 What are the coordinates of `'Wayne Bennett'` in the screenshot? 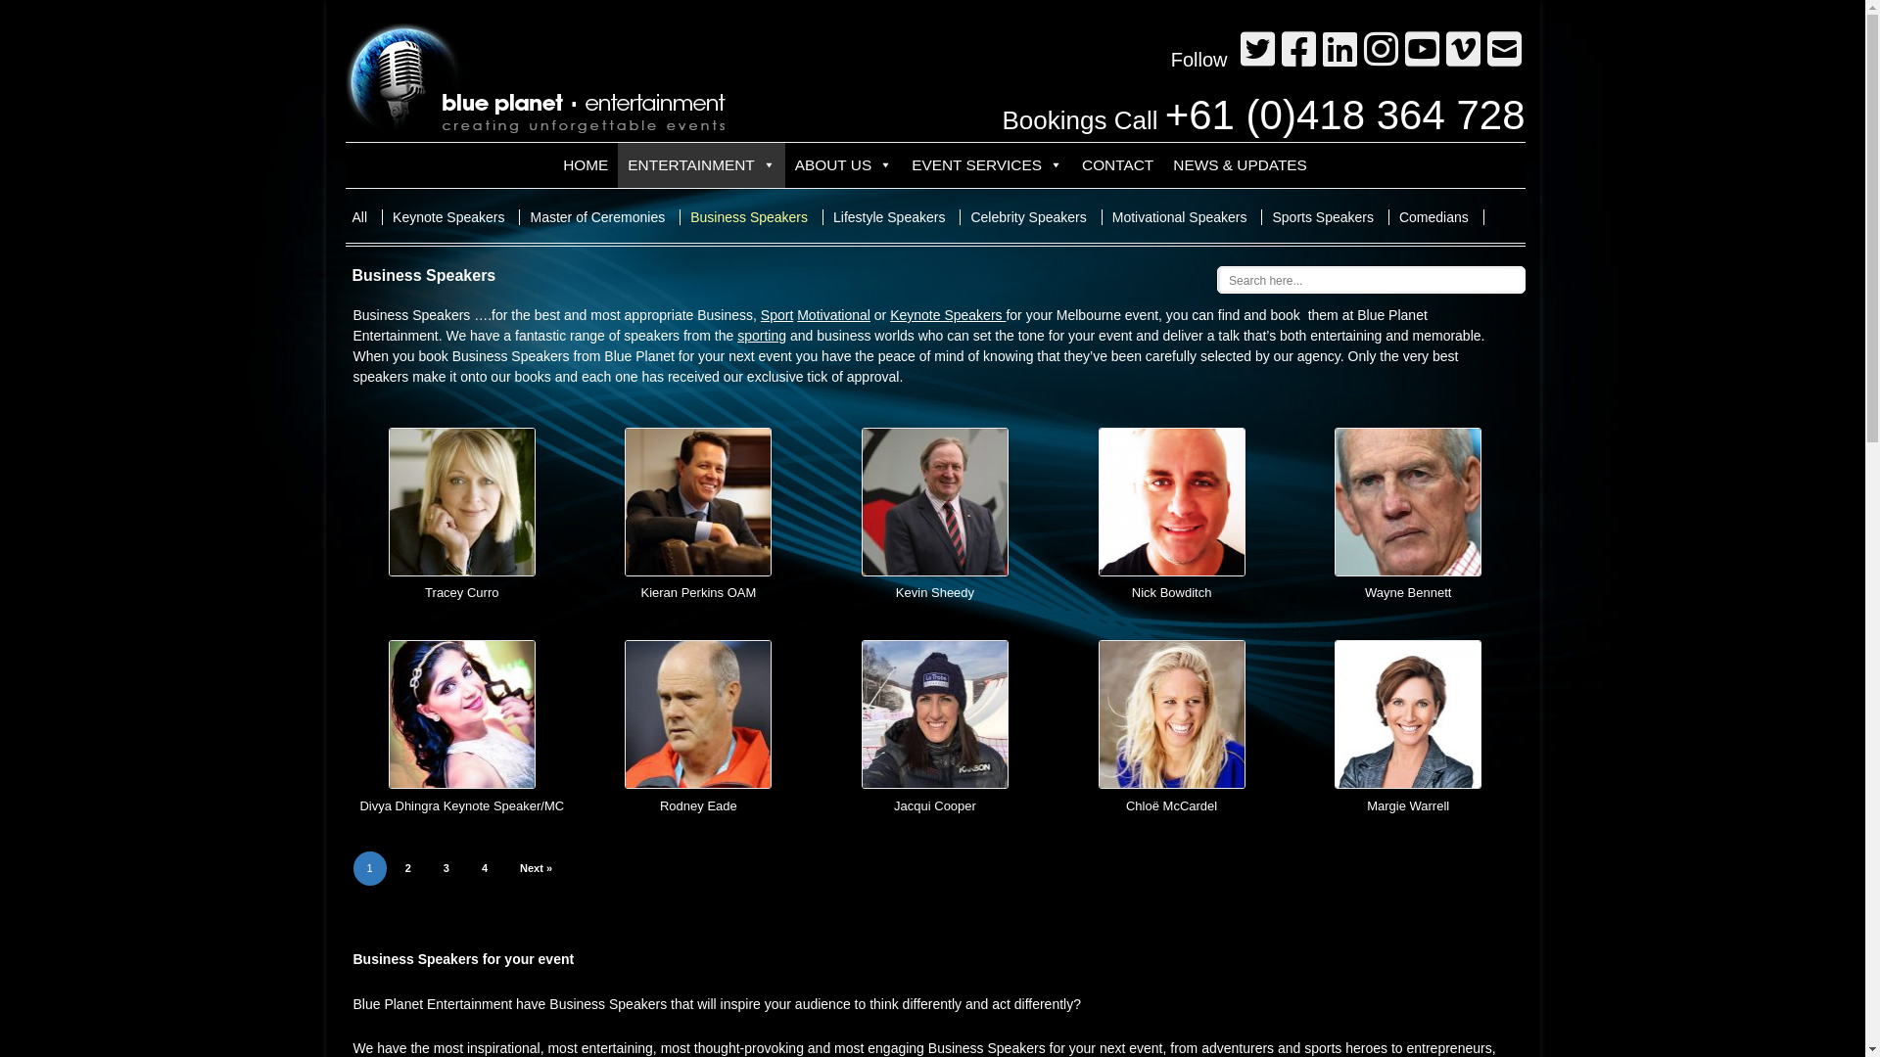 It's located at (1407, 501).